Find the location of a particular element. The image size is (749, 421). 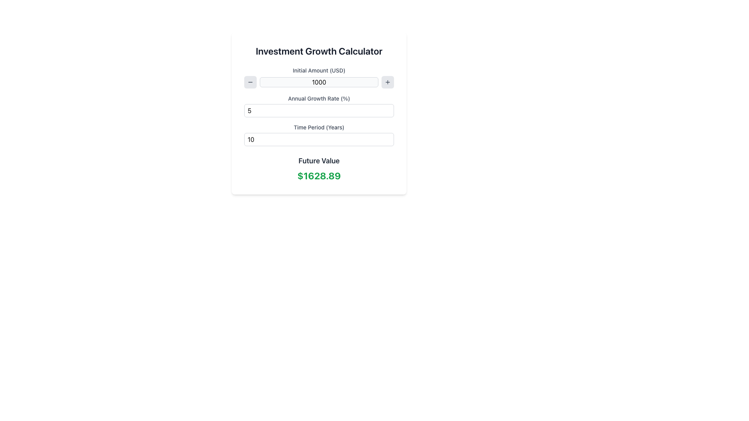

the static text label reading 'Time Period (Years)' that is positioned above the number input field set to '10' is located at coordinates (319, 127).